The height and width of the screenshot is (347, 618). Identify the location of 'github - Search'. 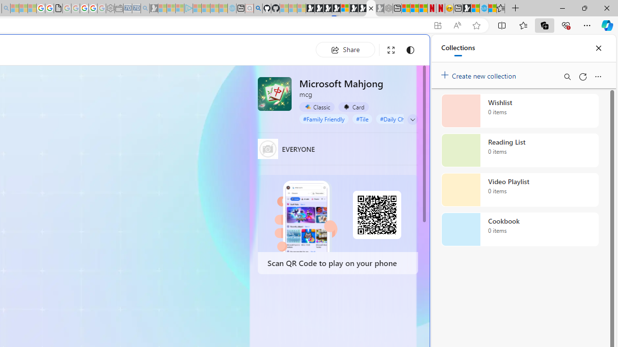
(258, 8).